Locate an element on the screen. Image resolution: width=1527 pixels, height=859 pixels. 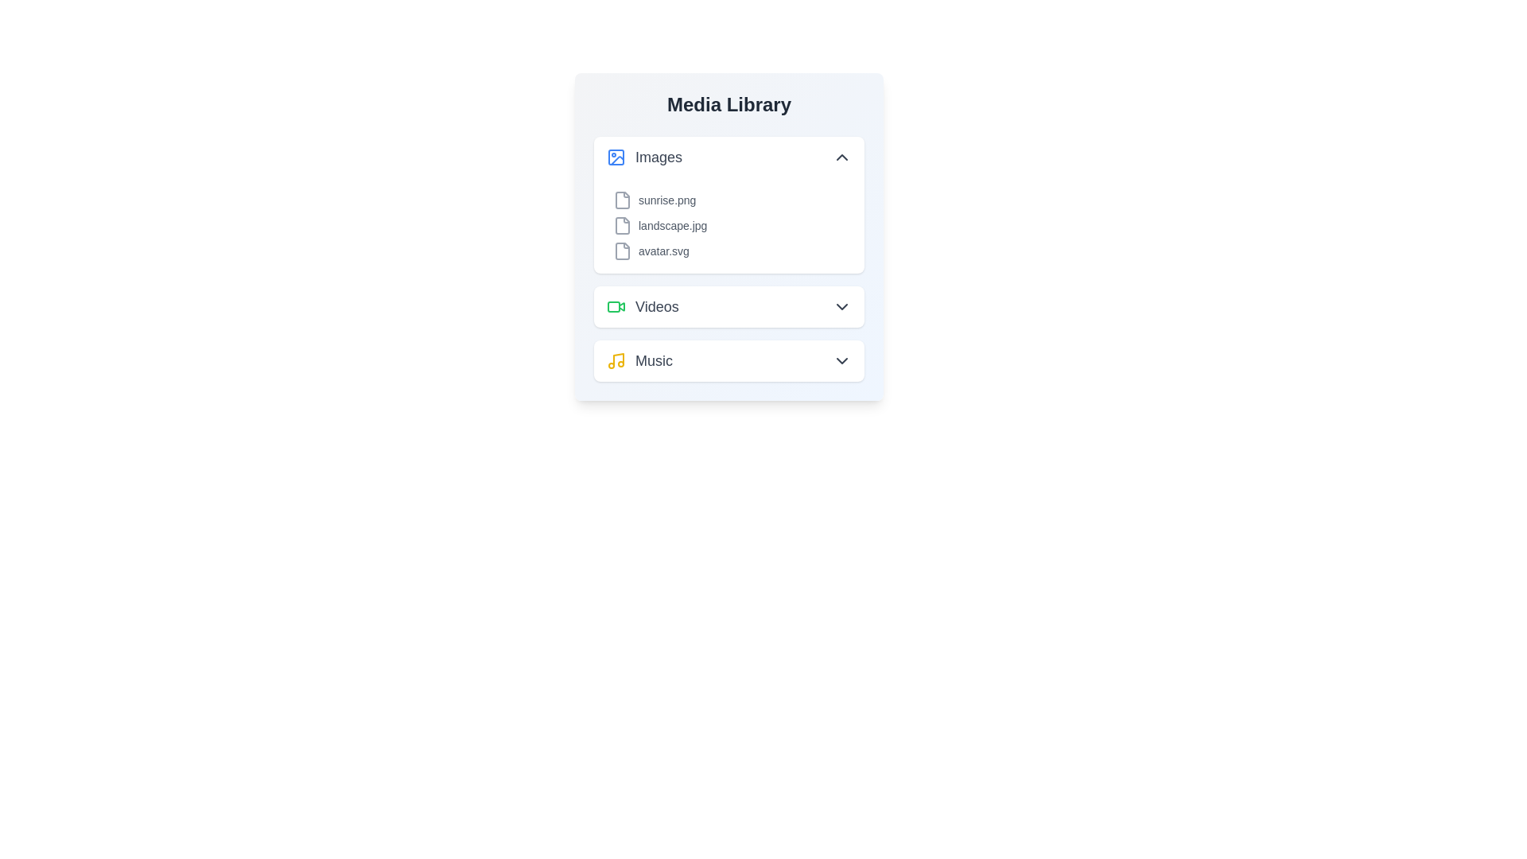
the text label indicating the contents of the 'Images' section within the media library, which is positioned to the right of a blue picture frame icon is located at coordinates (659, 157).